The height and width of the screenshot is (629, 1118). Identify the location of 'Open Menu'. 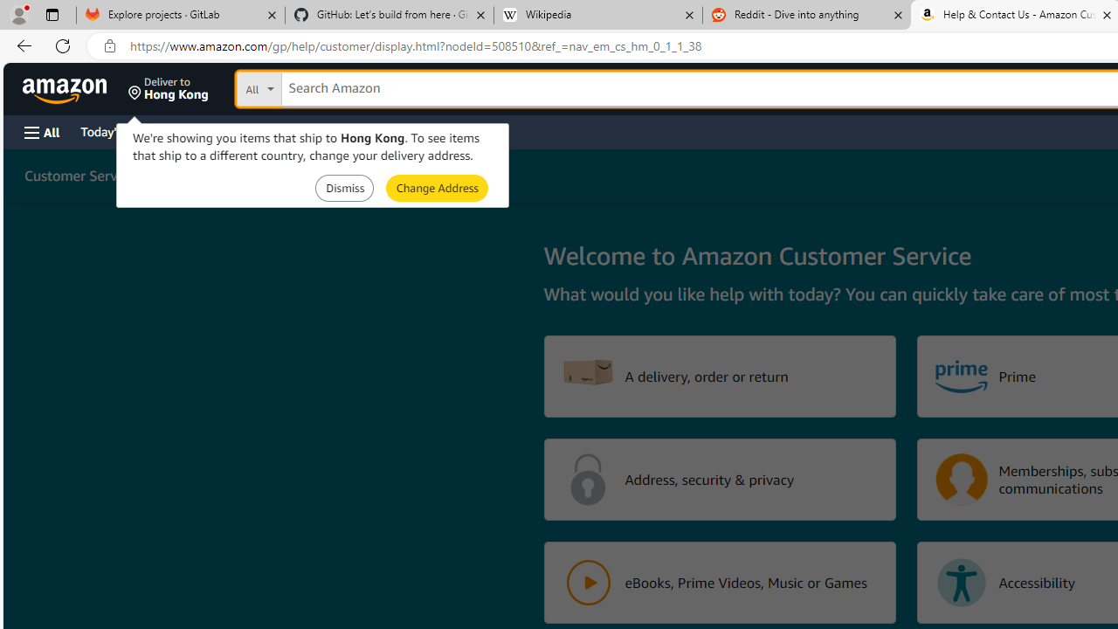
(42, 131).